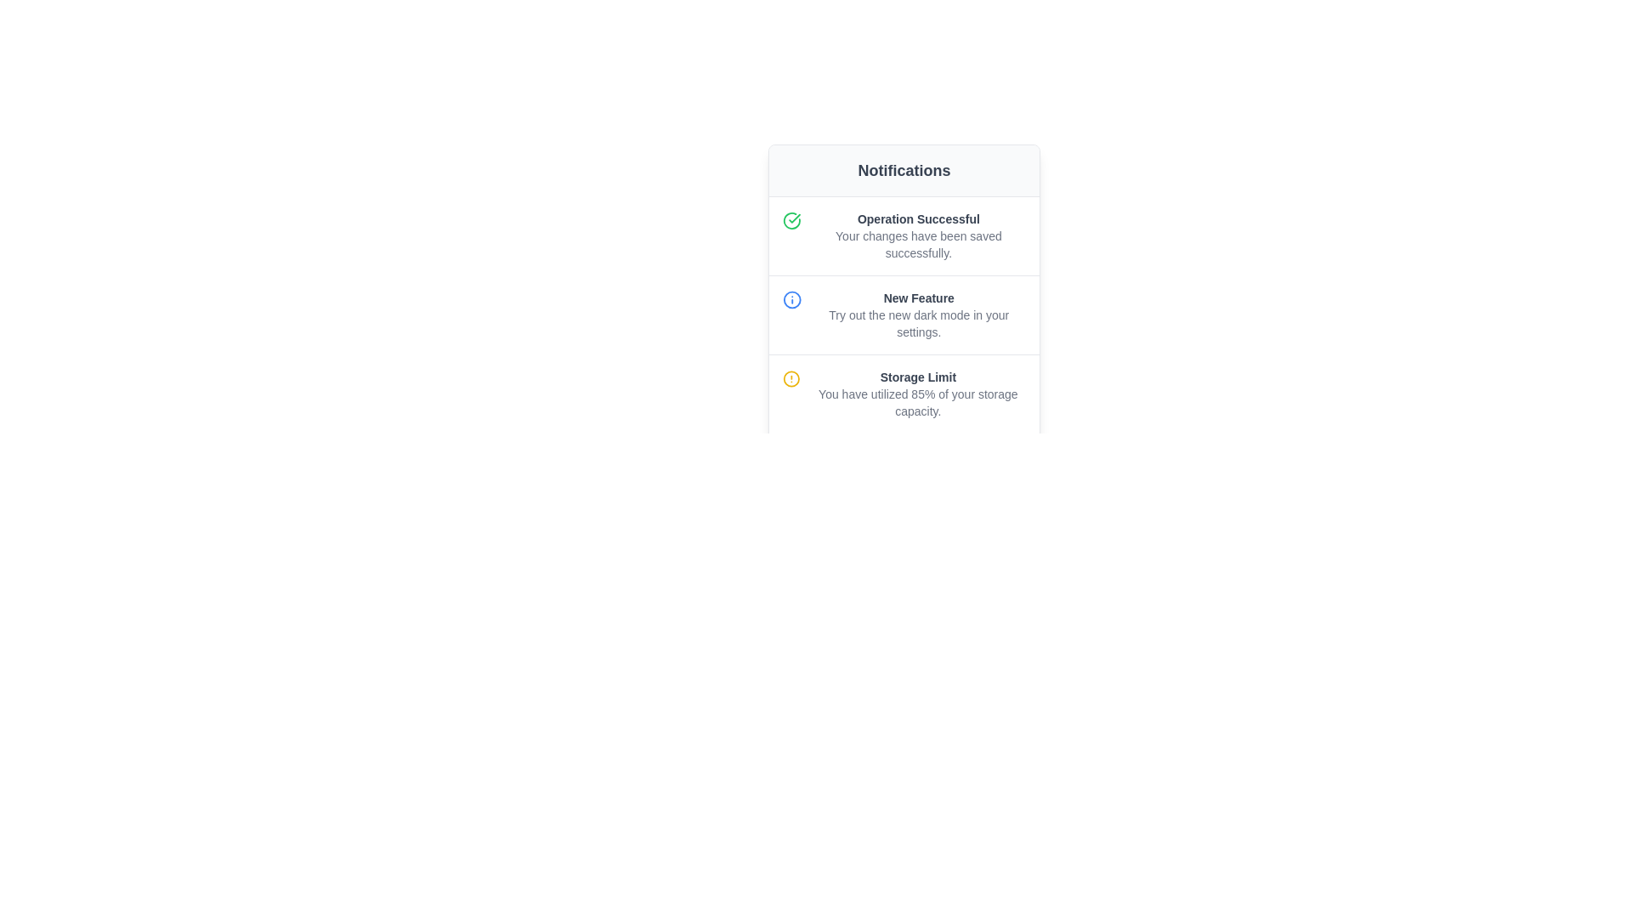  I want to click on the textual notification message that reads 'Your changes have been saved successfully.', which is styled in gray and positioned under the header 'Operation Successful' within a notification card, so click(917, 245).